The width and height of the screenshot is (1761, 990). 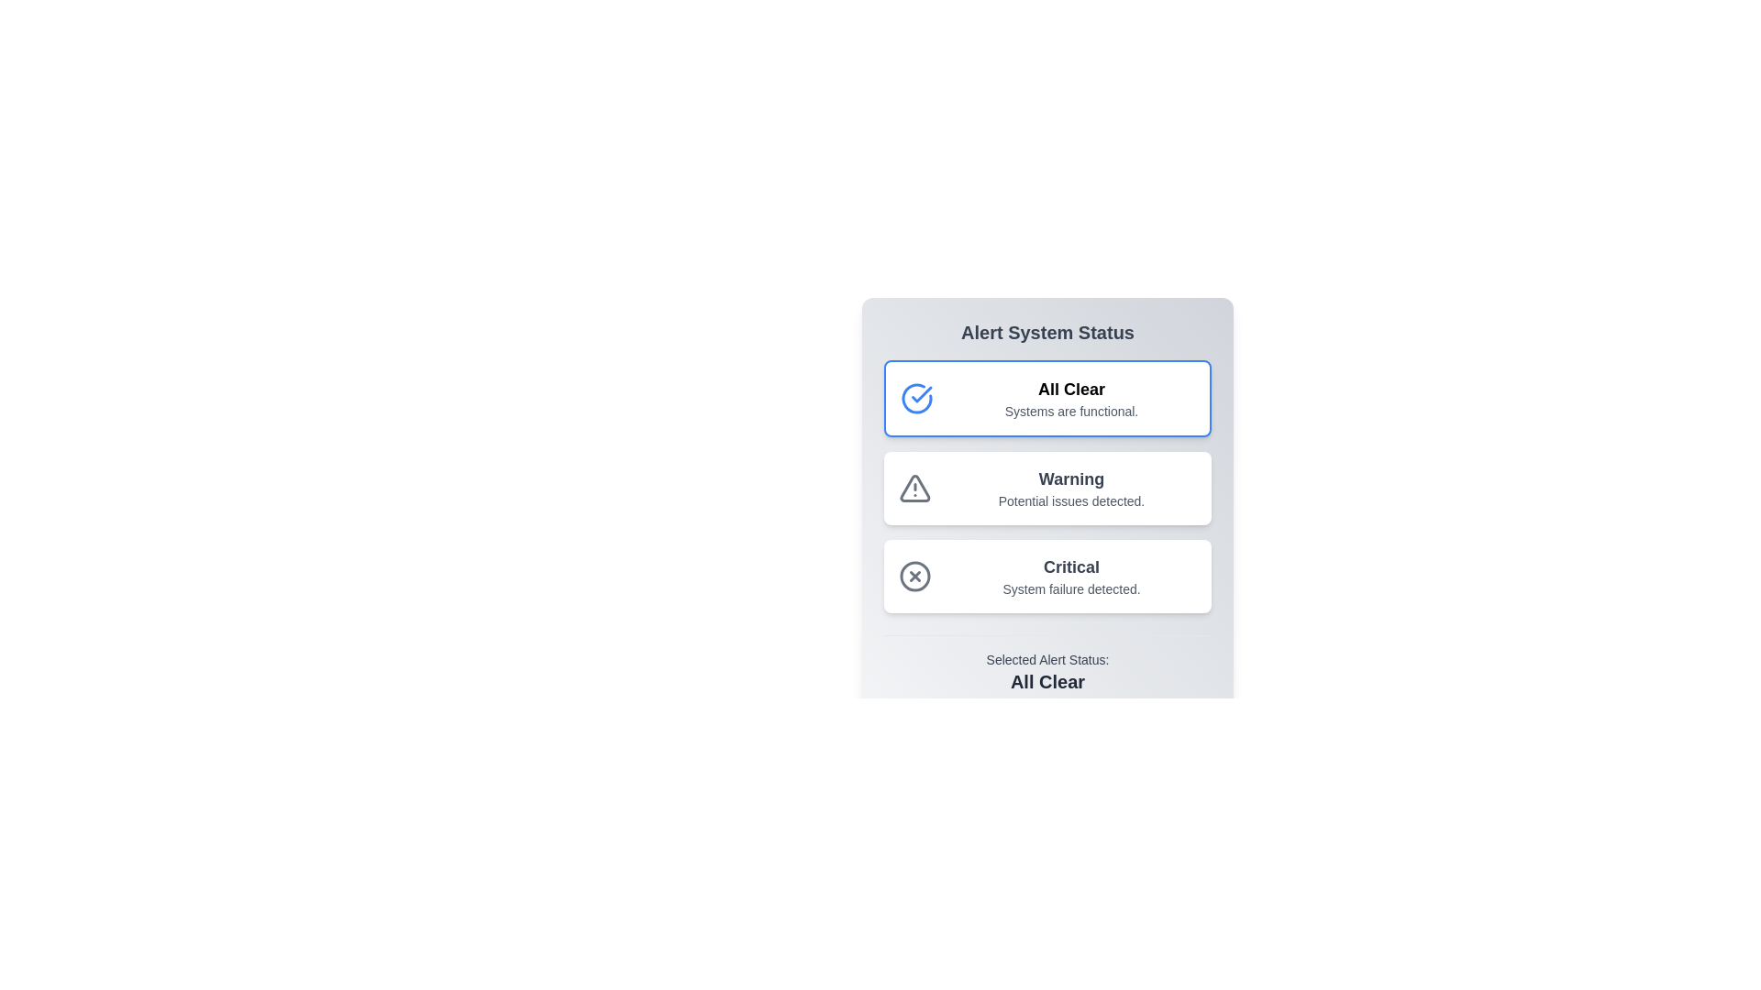 What do you see at coordinates (1071, 398) in the screenshot?
I see `the text block displaying the title 'All Clear' with the subtitle 'Systems are functional.', which is horizontally centered within the status card` at bounding box center [1071, 398].